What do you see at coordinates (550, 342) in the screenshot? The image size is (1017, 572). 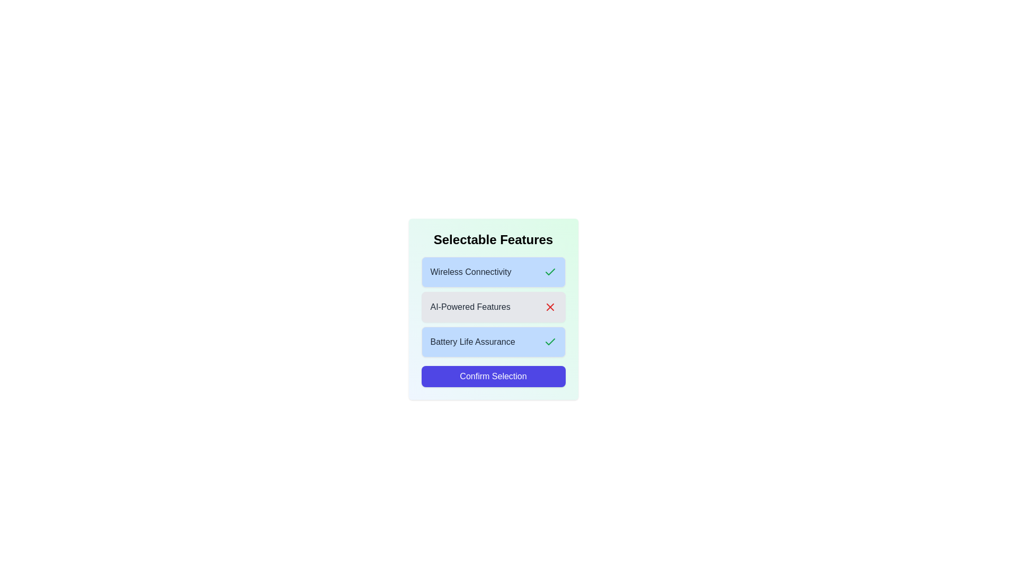 I see `the green checkmark icon next to the 'Battery Life Assurance' text for visual confirmation` at bounding box center [550, 342].